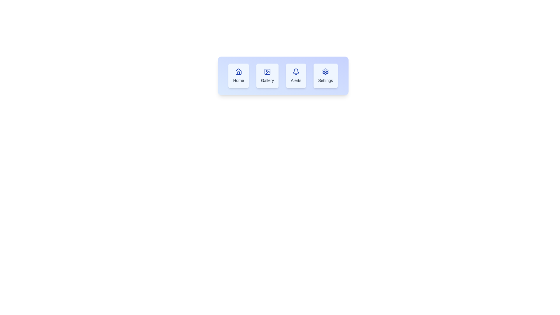 The width and height of the screenshot is (560, 315). What do you see at coordinates (267, 75) in the screenshot?
I see `the 'Gallery' button, which is a light blue rectangular button with a picture frame icon and a black label below it` at bounding box center [267, 75].